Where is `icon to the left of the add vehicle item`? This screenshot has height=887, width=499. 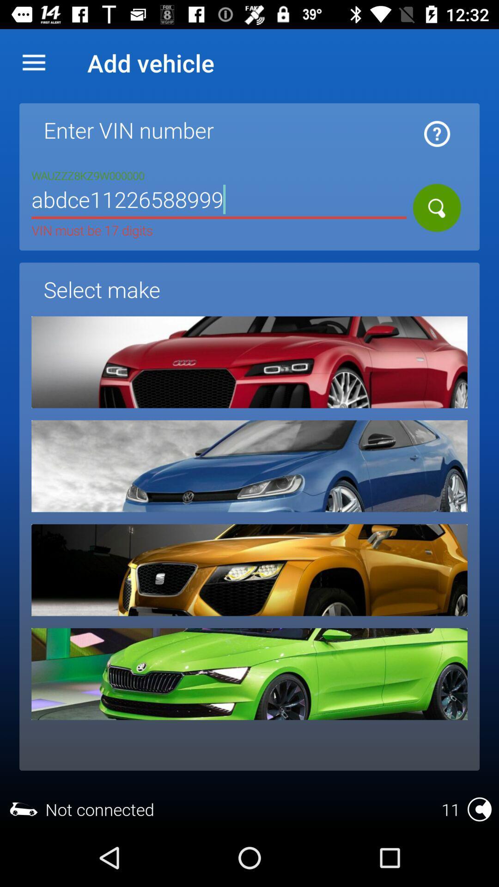 icon to the left of the add vehicle item is located at coordinates (33, 62).